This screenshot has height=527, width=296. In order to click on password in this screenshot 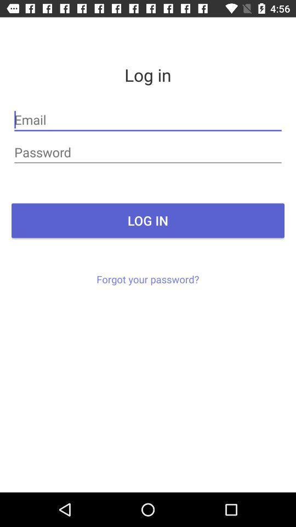, I will do `click(148, 152)`.